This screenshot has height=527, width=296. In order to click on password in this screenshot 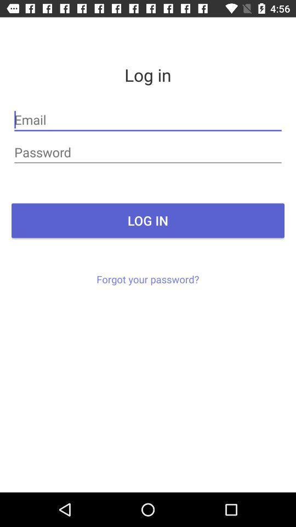, I will do `click(148, 152)`.